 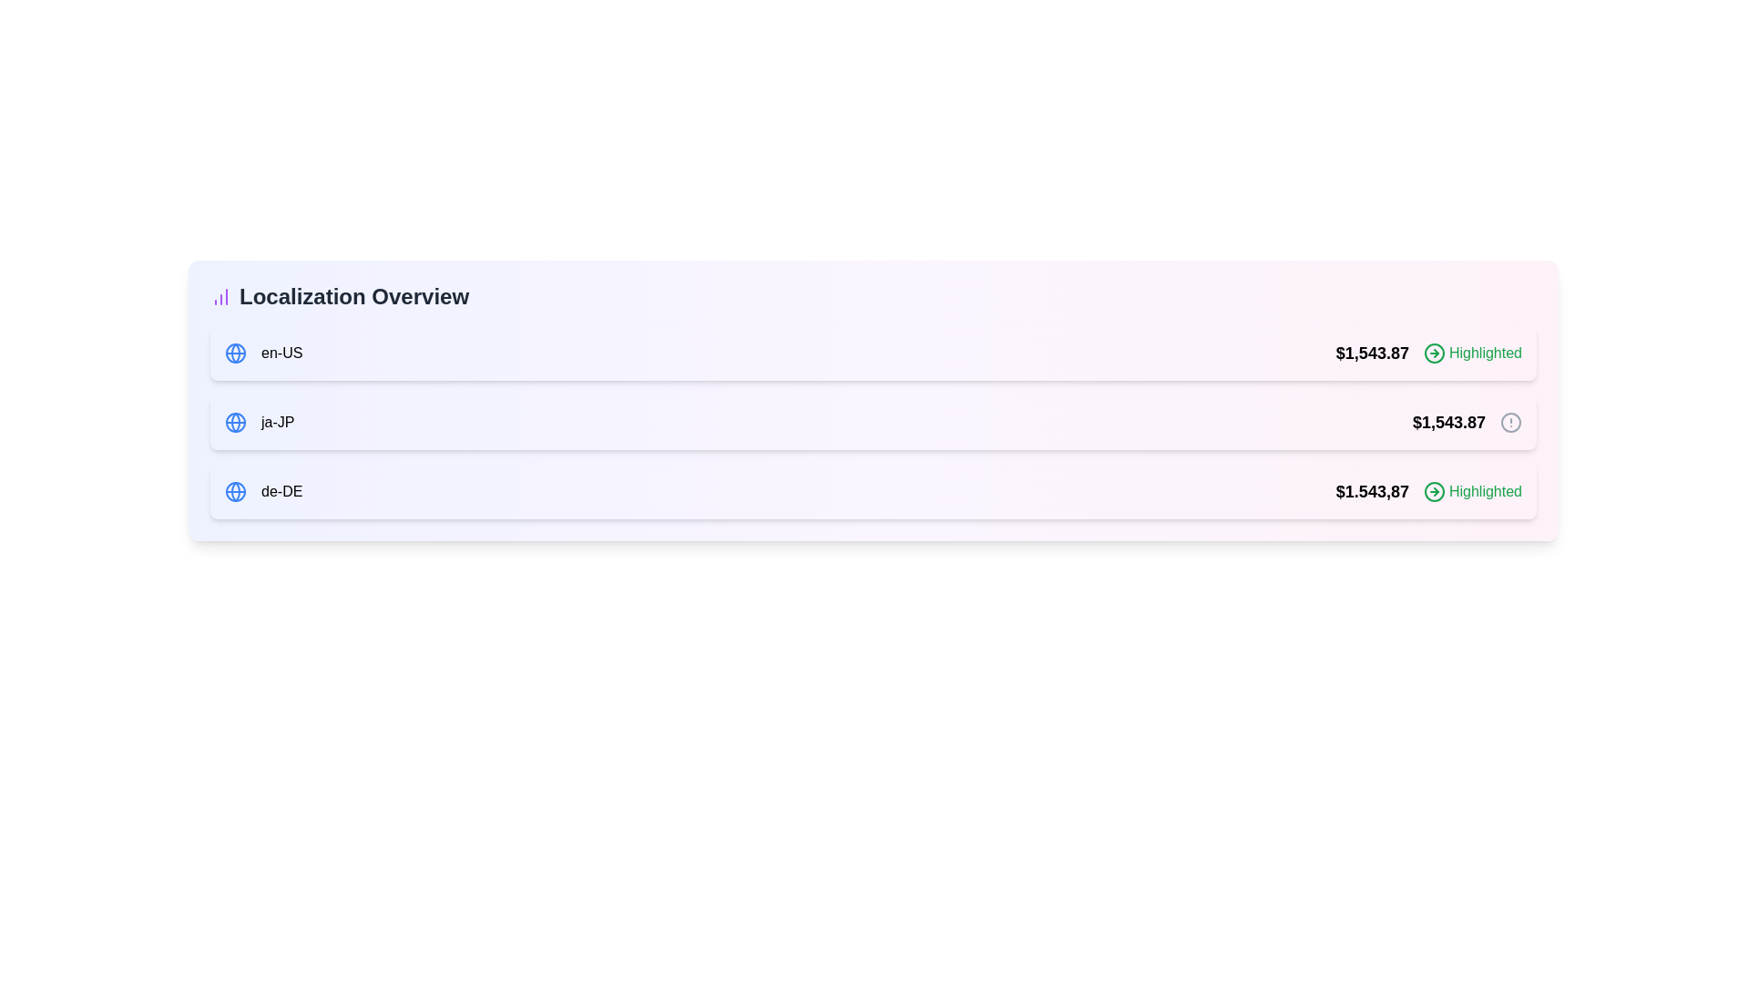 I want to click on the icon located to the right of the text 'Highlighted', so click(x=1433, y=354).